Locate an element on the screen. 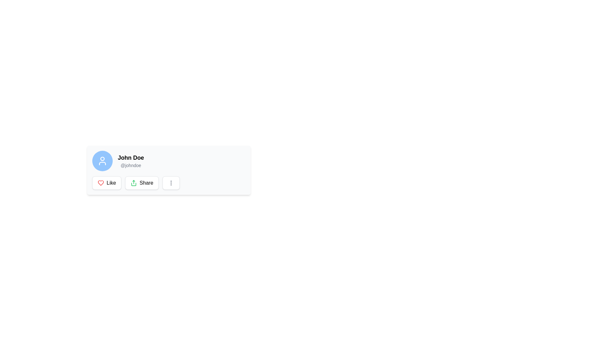 Image resolution: width=613 pixels, height=345 pixels. the share icon located to the left of the 'Share' text within the button at the bottom center of the card layout is located at coordinates (133, 183).